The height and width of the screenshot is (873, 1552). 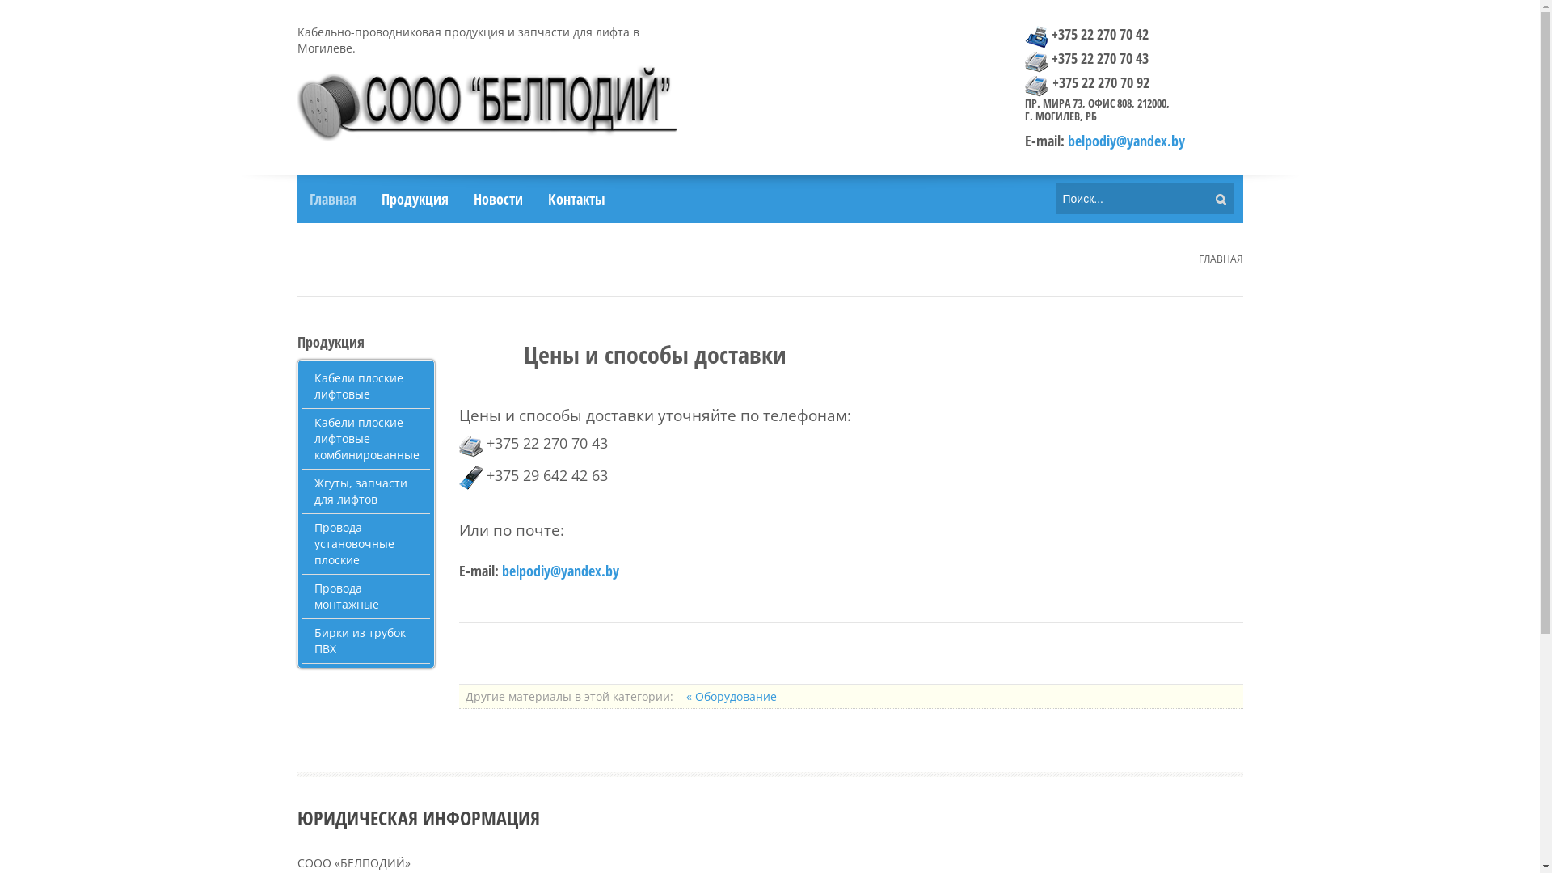 What do you see at coordinates (470, 476) in the screenshot?
I see `'Velcom'` at bounding box center [470, 476].